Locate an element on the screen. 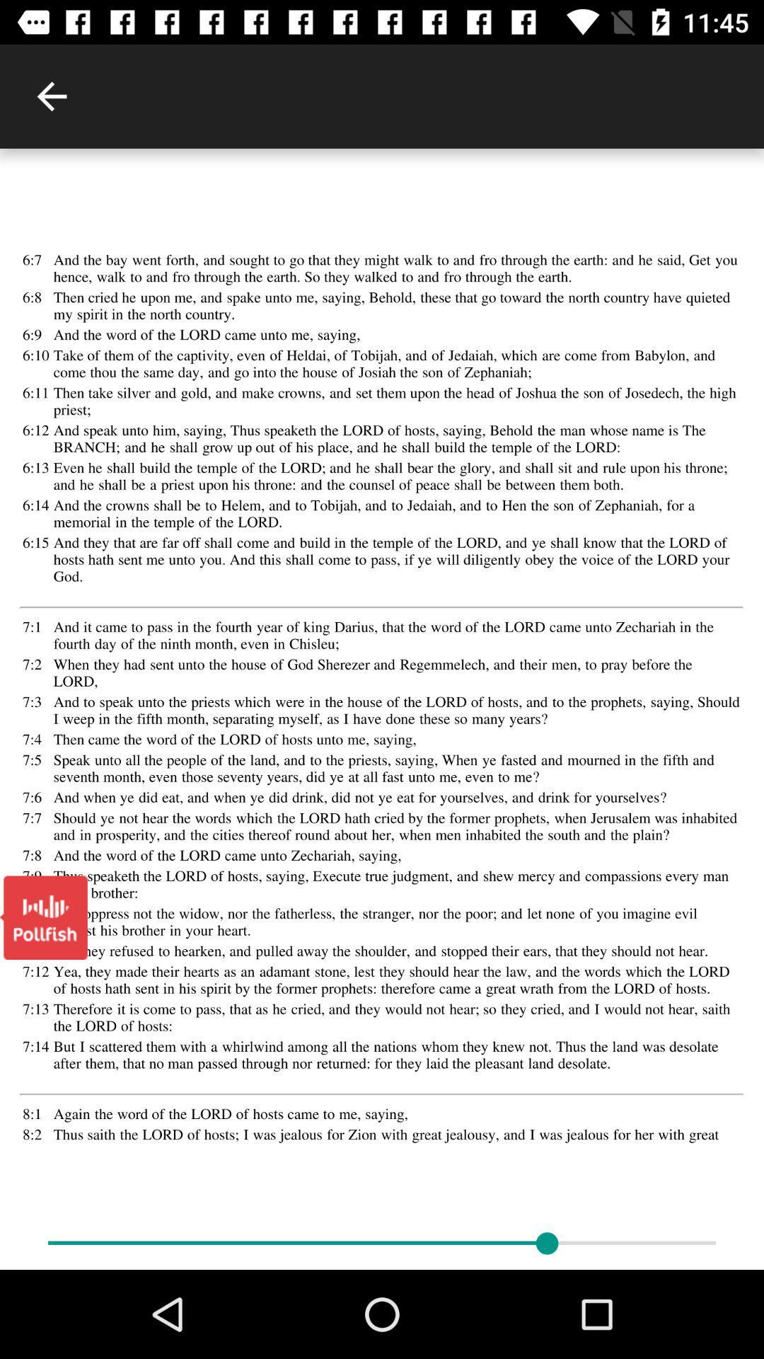 The height and width of the screenshot is (1359, 764). icon at the bottom left corner is located at coordinates (42, 917).